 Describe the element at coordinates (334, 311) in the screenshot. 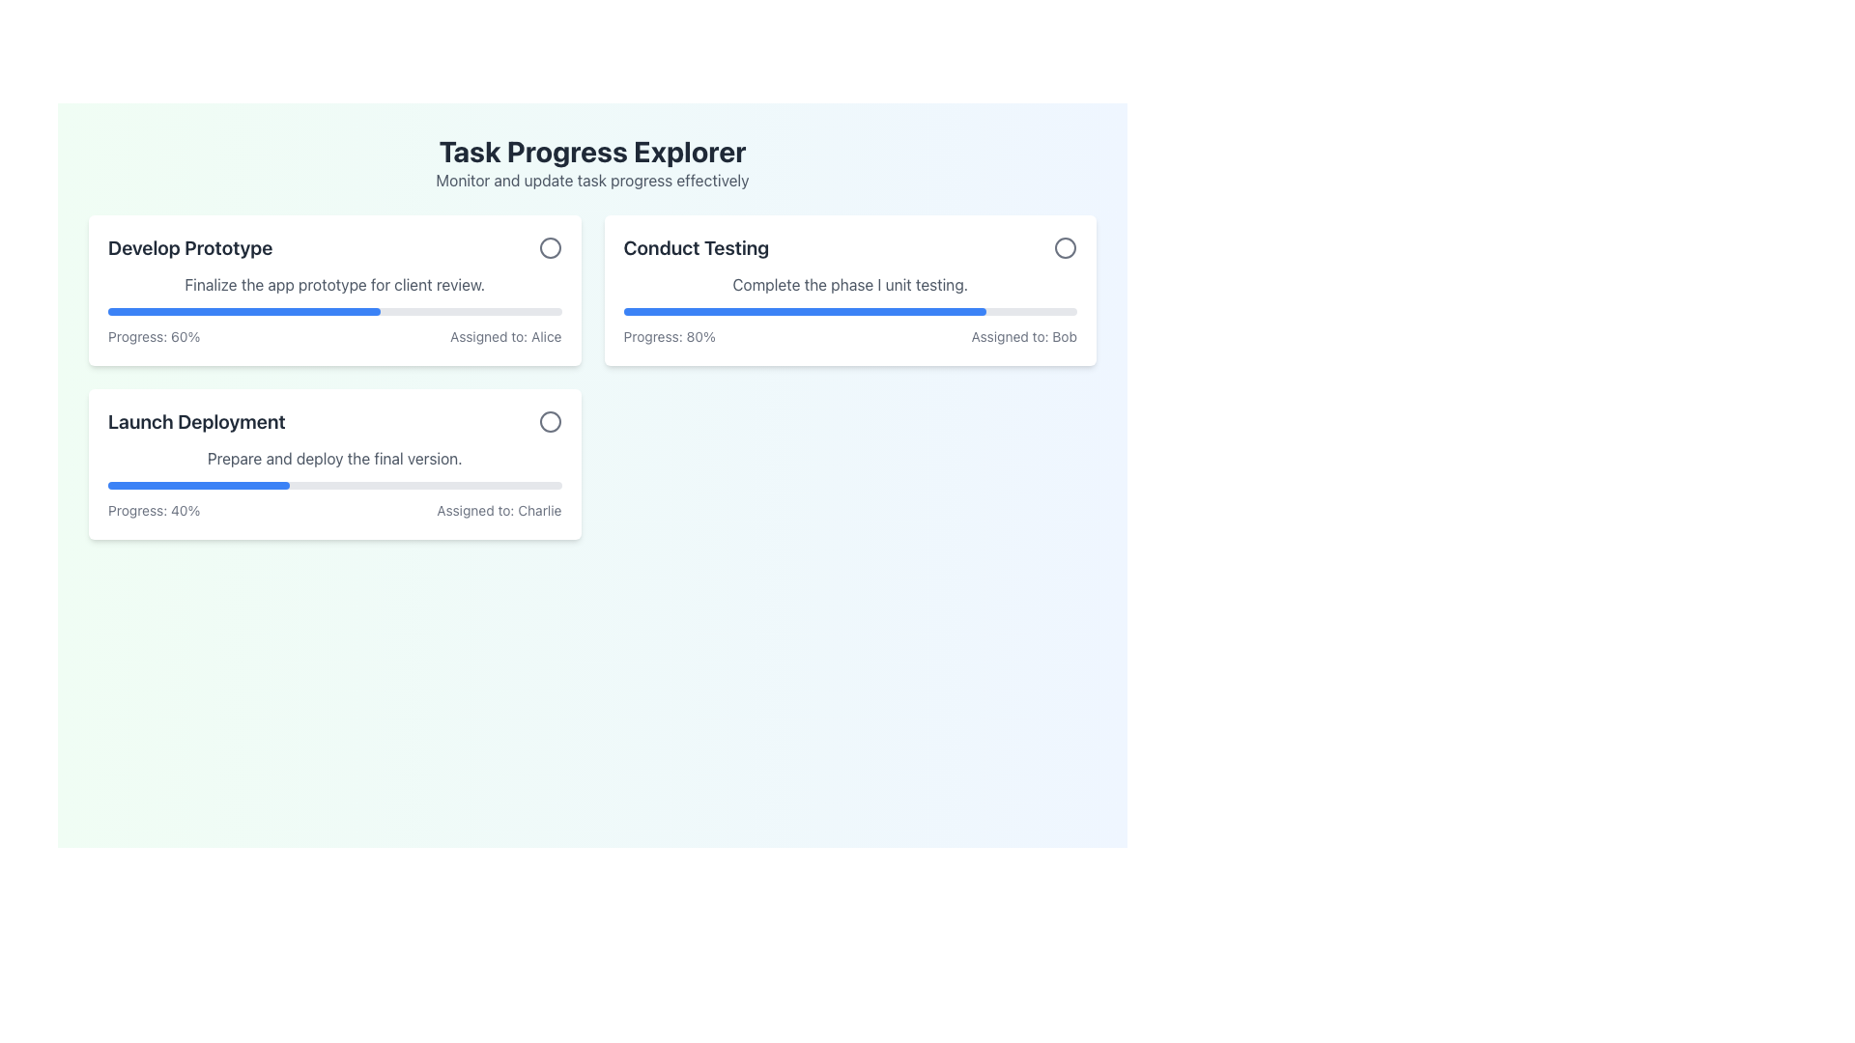

I see `the thin, rounded progress bar located within the 'Develop Prototype' card, which visually indicates the progress of the task` at that location.